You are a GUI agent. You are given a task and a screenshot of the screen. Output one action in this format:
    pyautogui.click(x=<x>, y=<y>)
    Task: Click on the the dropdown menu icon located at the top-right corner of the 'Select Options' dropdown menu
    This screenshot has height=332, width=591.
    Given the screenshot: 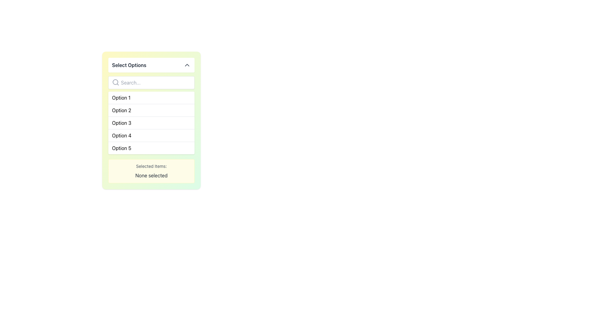 What is the action you would take?
    pyautogui.click(x=187, y=65)
    